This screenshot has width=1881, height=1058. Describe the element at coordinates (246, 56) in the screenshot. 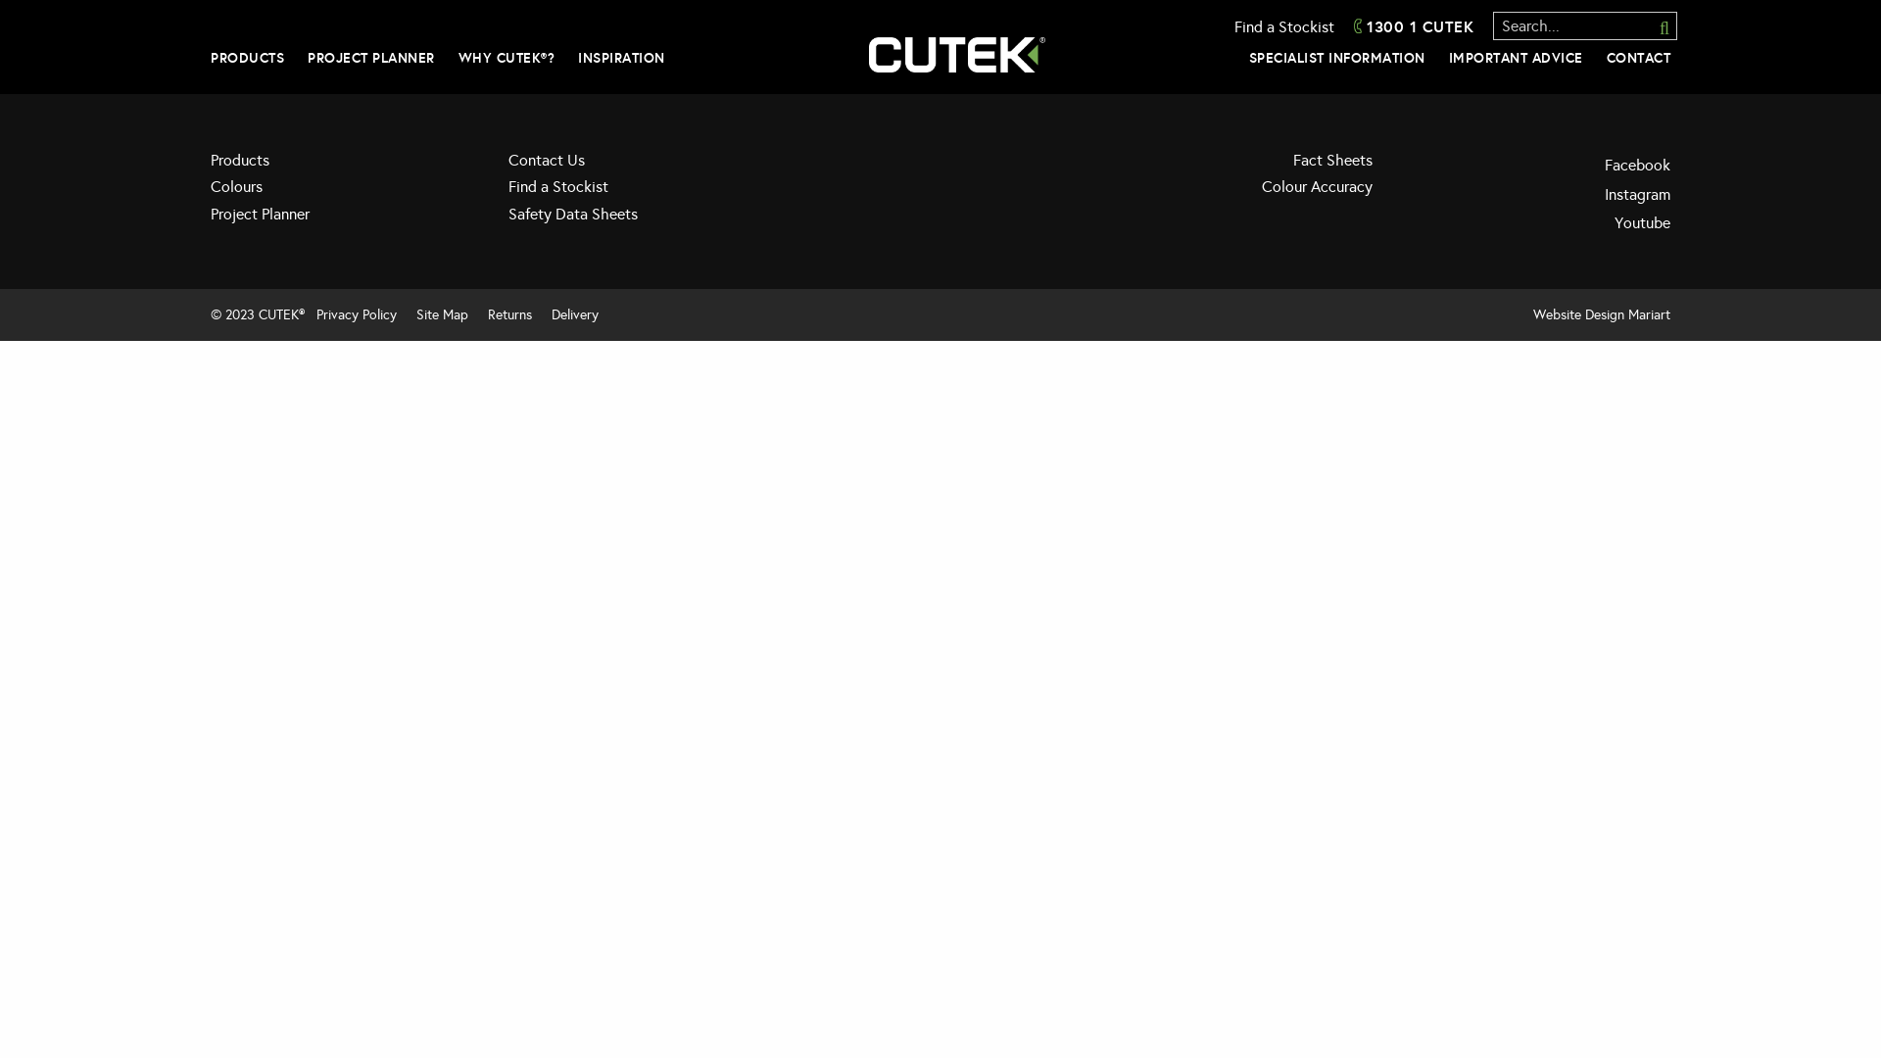

I see `'PRODUCTS'` at that location.